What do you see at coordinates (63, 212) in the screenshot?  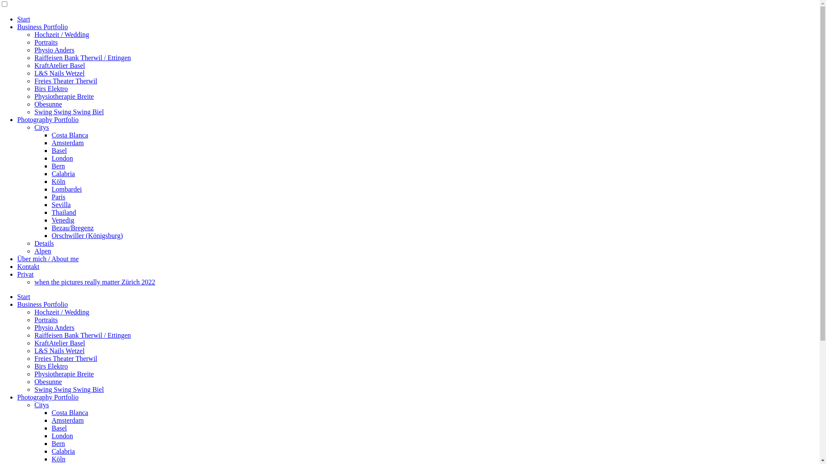 I see `'Thailand'` at bounding box center [63, 212].